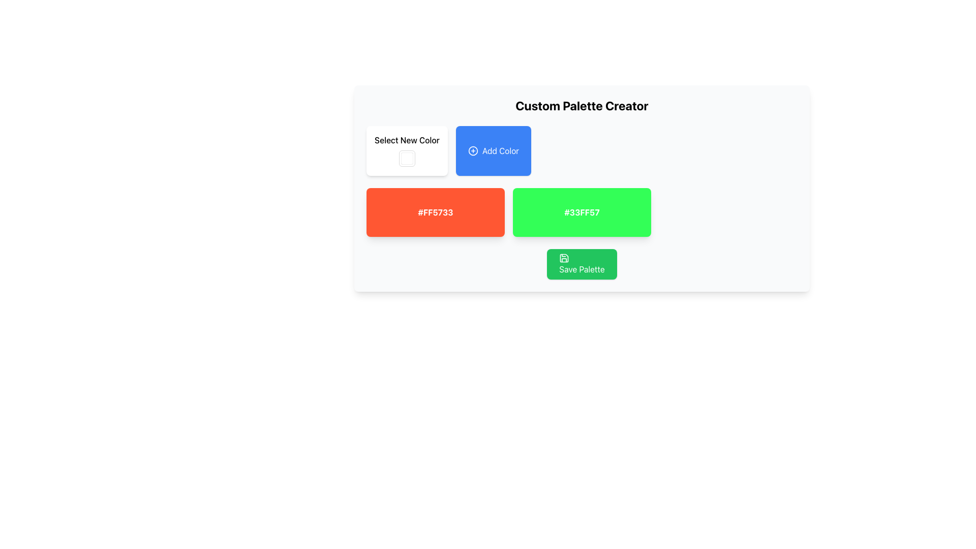 The height and width of the screenshot is (549, 976). Describe the element at coordinates (472, 151) in the screenshot. I see `the circular blue and white icon with a plus sign inside, which is part of the button labeled 'Add Color'` at that location.